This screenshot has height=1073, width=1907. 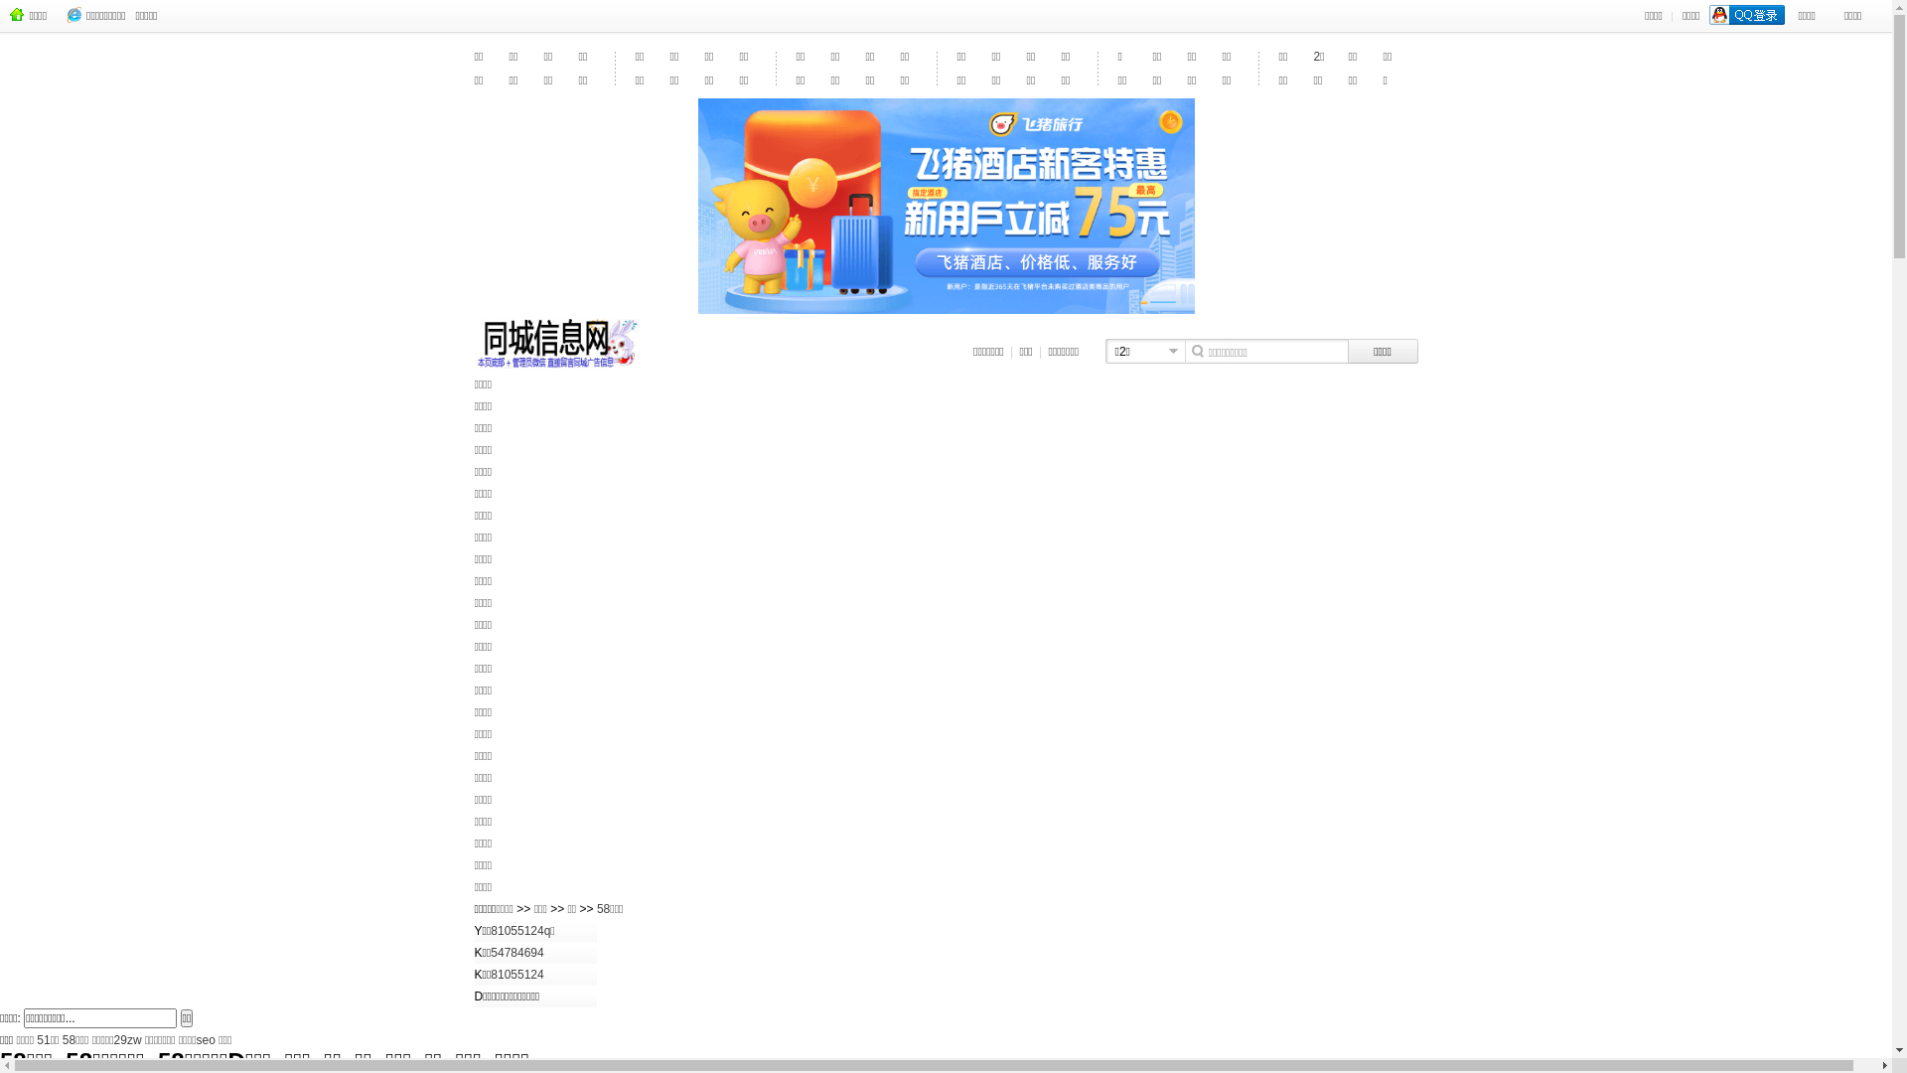 I want to click on '54784694', so click(x=516, y=952).